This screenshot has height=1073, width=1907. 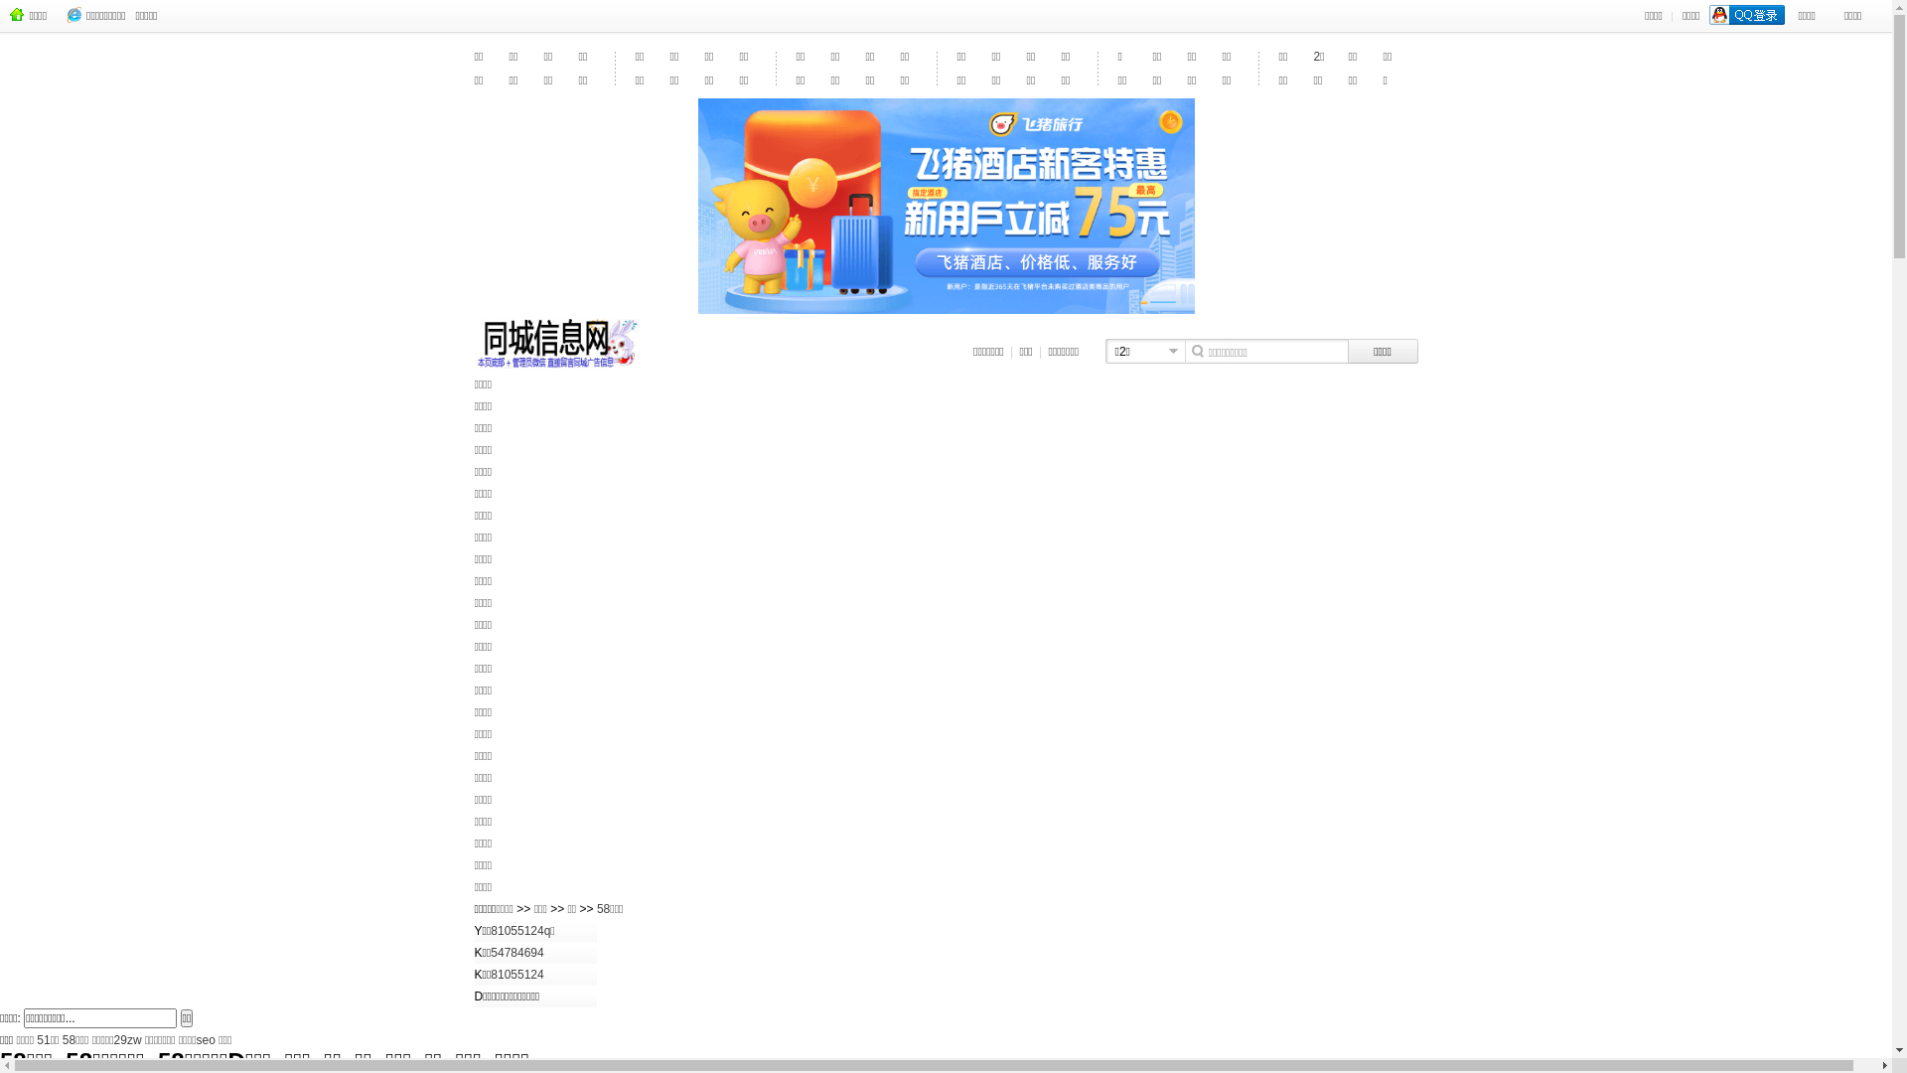 I want to click on '54784694', so click(x=516, y=952).